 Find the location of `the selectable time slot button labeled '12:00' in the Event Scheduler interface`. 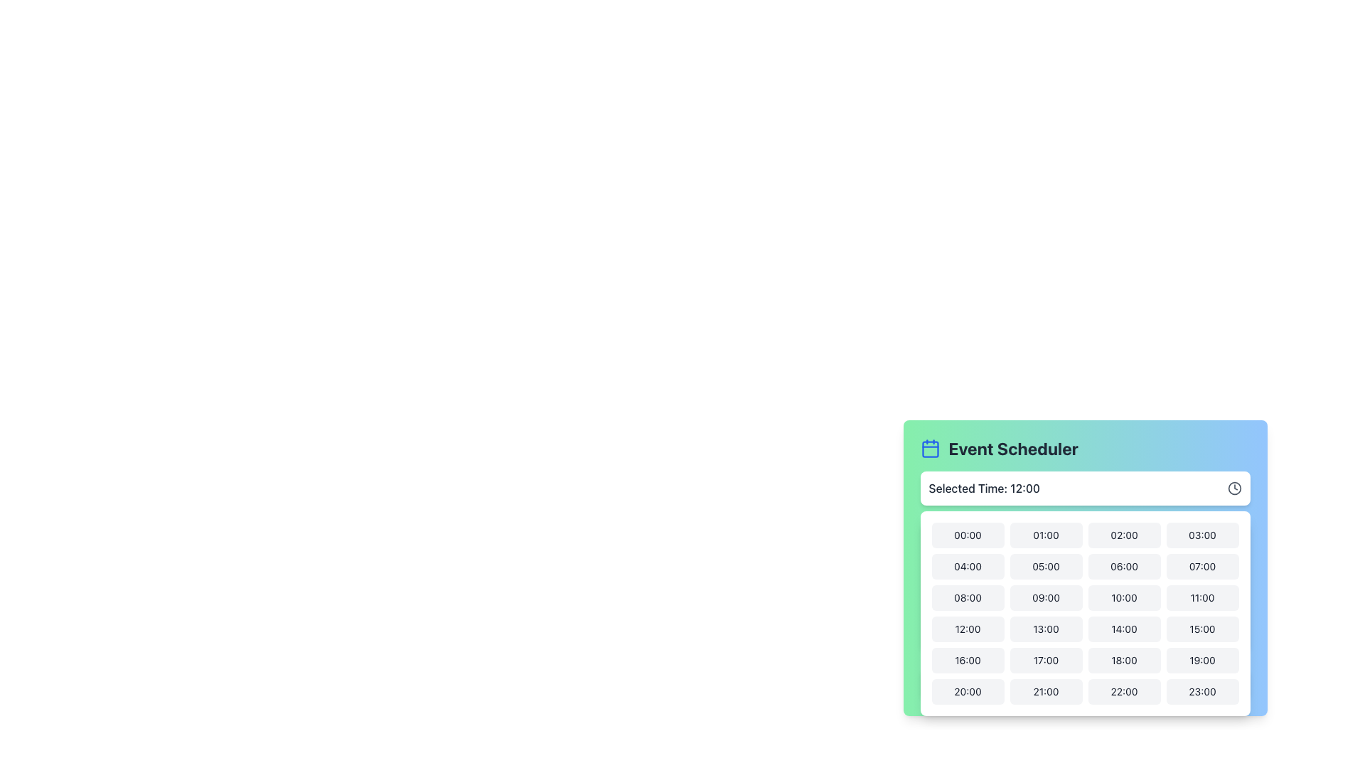

the selectable time slot button labeled '12:00' in the Event Scheduler interface is located at coordinates (967, 628).